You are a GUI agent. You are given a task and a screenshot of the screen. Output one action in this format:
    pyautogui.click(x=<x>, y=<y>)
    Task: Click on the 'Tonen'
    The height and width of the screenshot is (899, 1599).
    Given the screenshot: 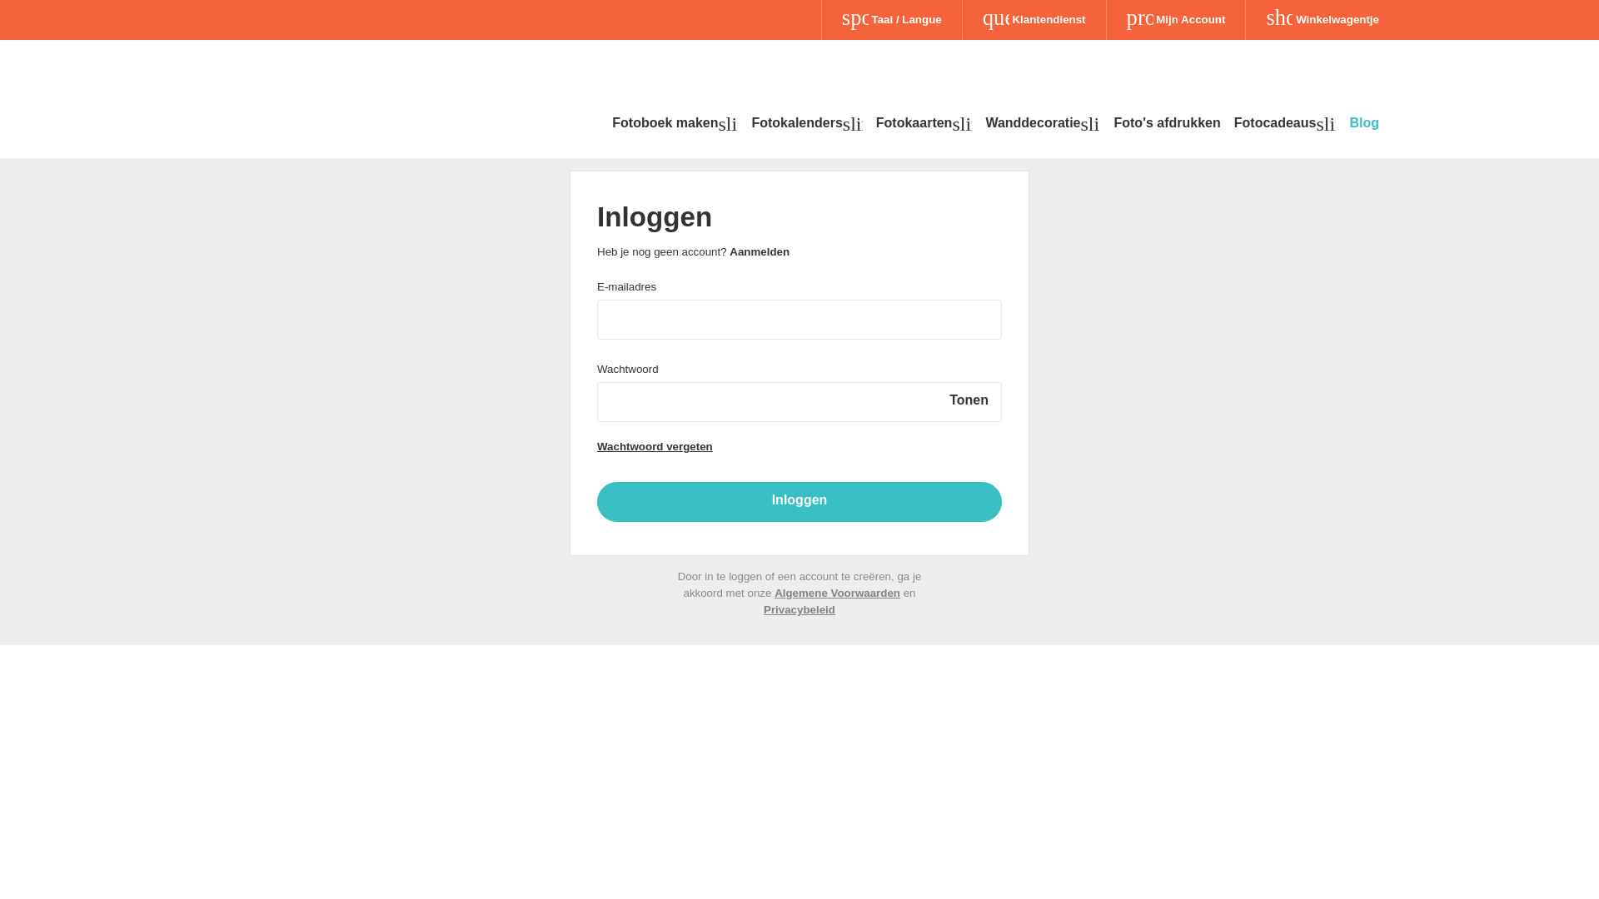 What is the action you would take?
    pyautogui.click(x=969, y=400)
    